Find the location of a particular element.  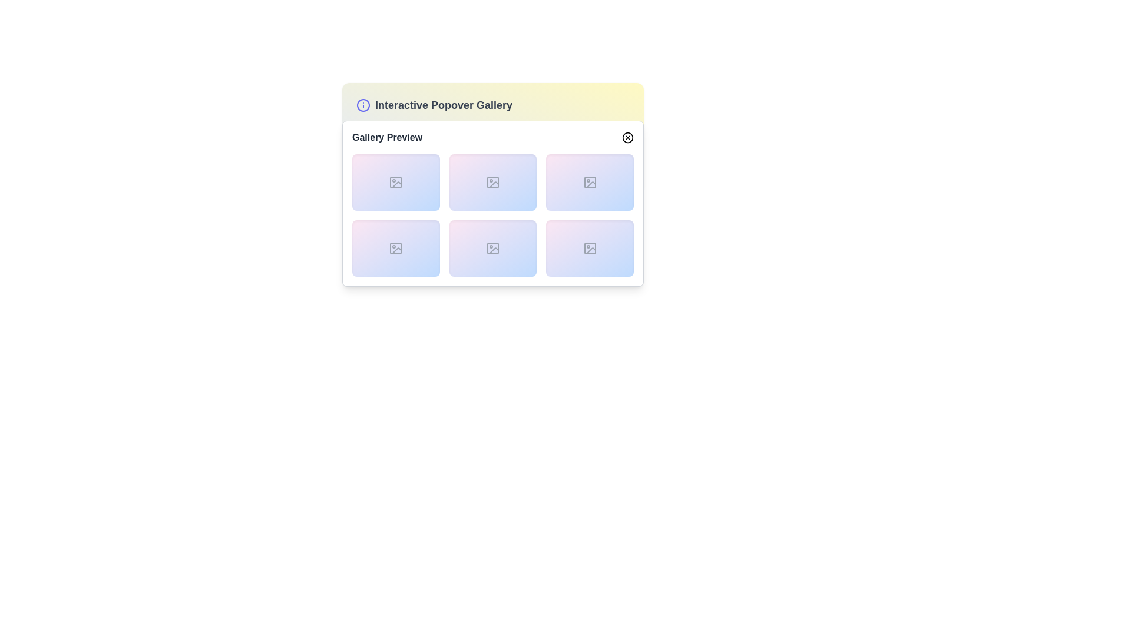

the diagonal line pattern within the SVG element located at the lower right corner of the image placeholder icon in the gallery preview grid is located at coordinates (591, 185).